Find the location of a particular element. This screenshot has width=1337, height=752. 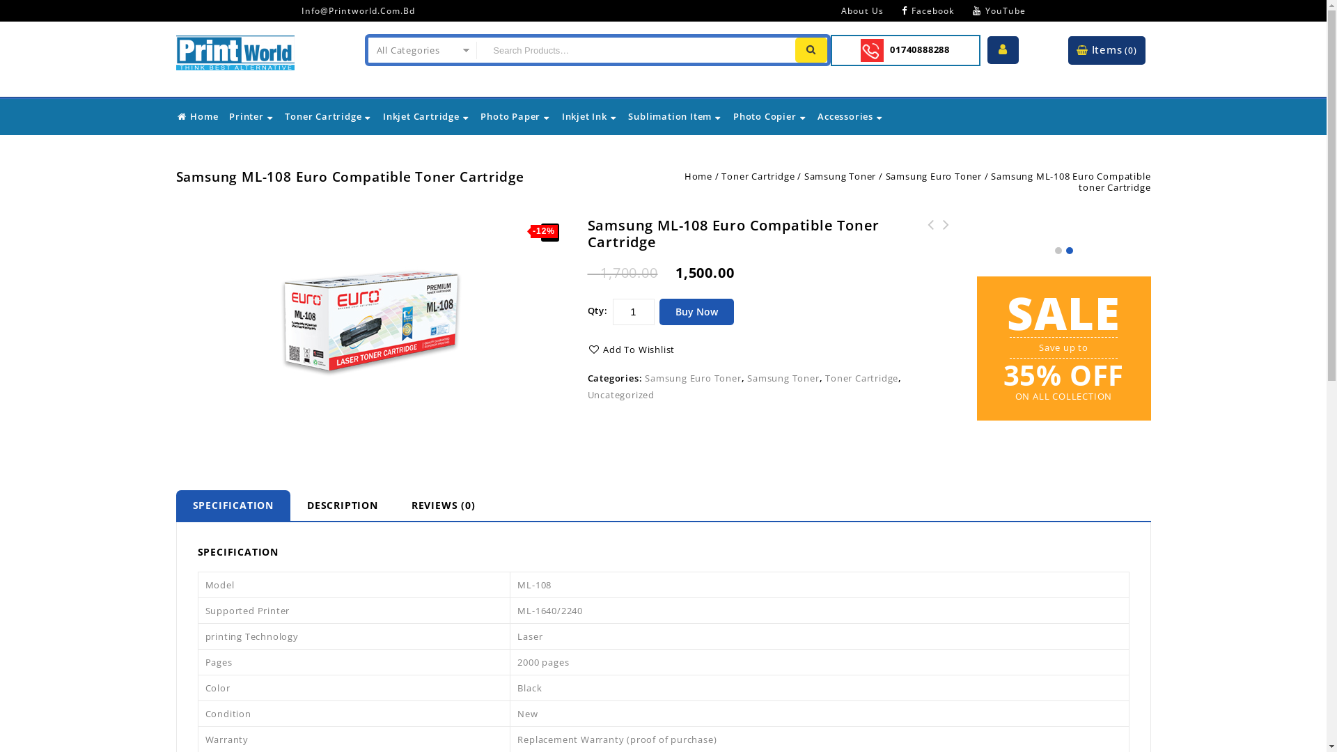

'Qty' is located at coordinates (633, 311).